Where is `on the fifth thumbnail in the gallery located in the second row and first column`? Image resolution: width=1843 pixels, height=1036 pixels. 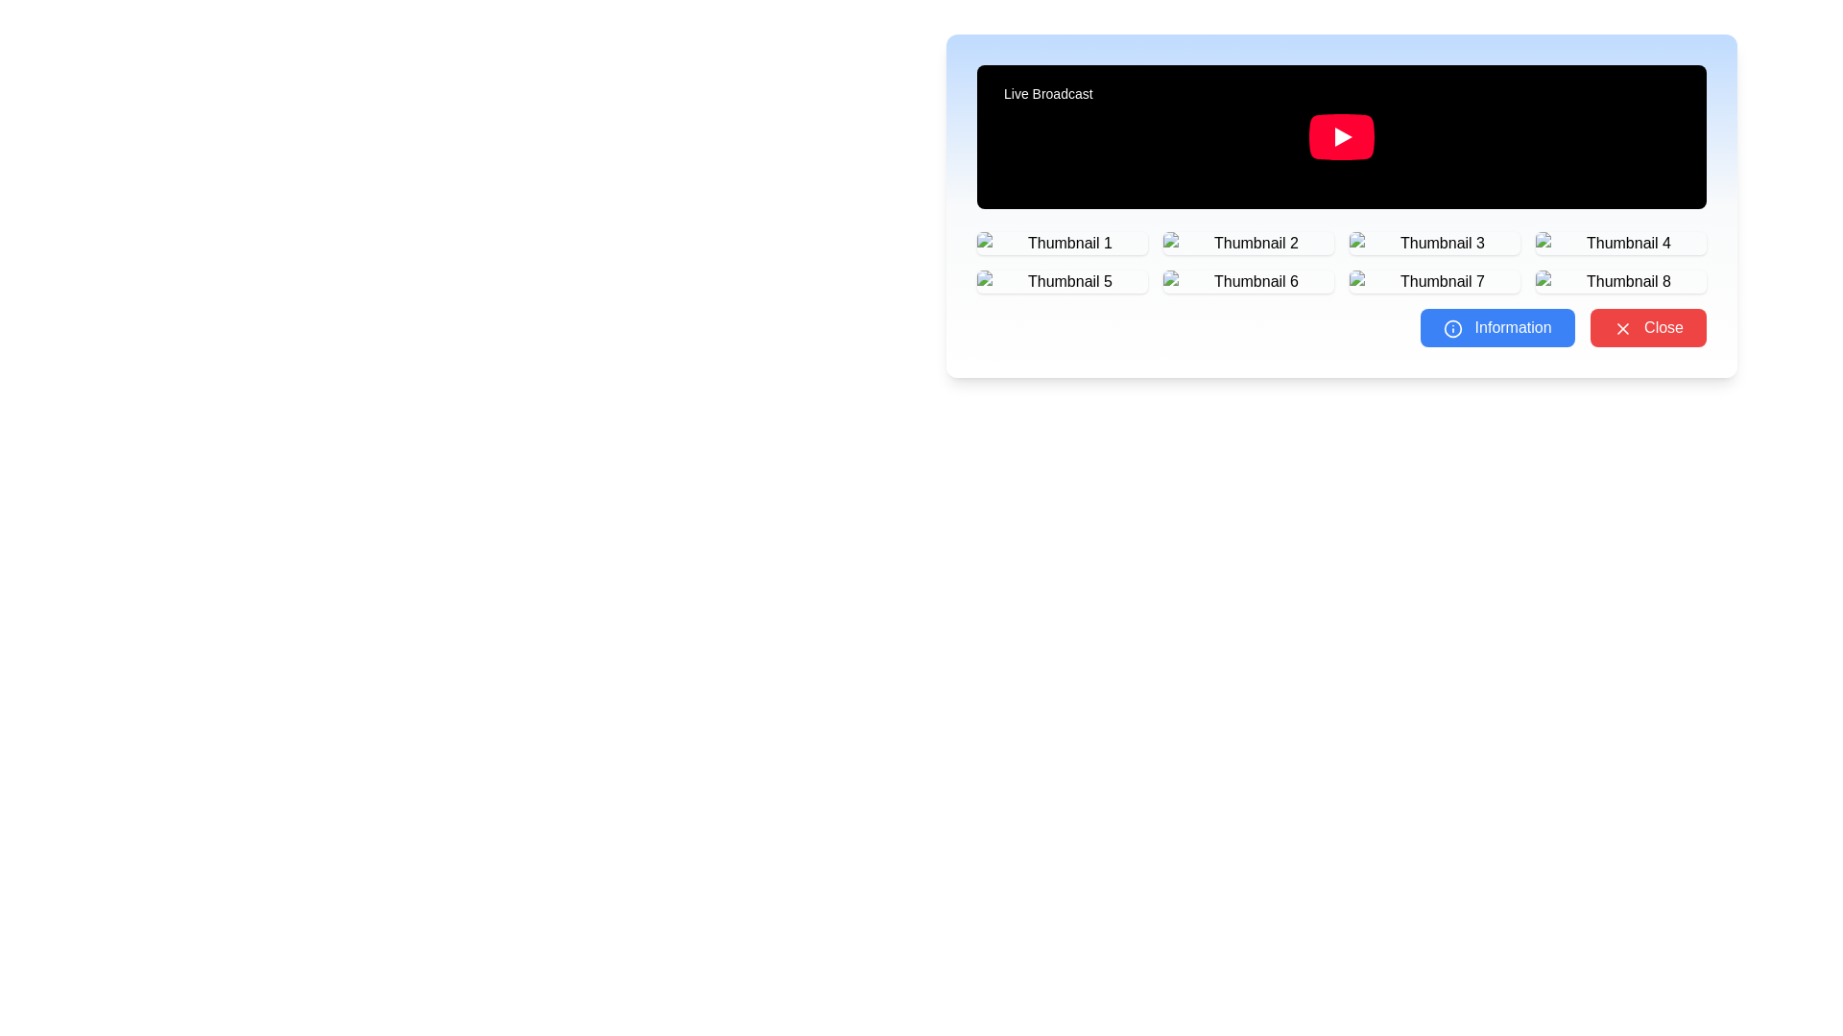
on the fifth thumbnail in the gallery located in the second row and first column is located at coordinates (1062, 281).